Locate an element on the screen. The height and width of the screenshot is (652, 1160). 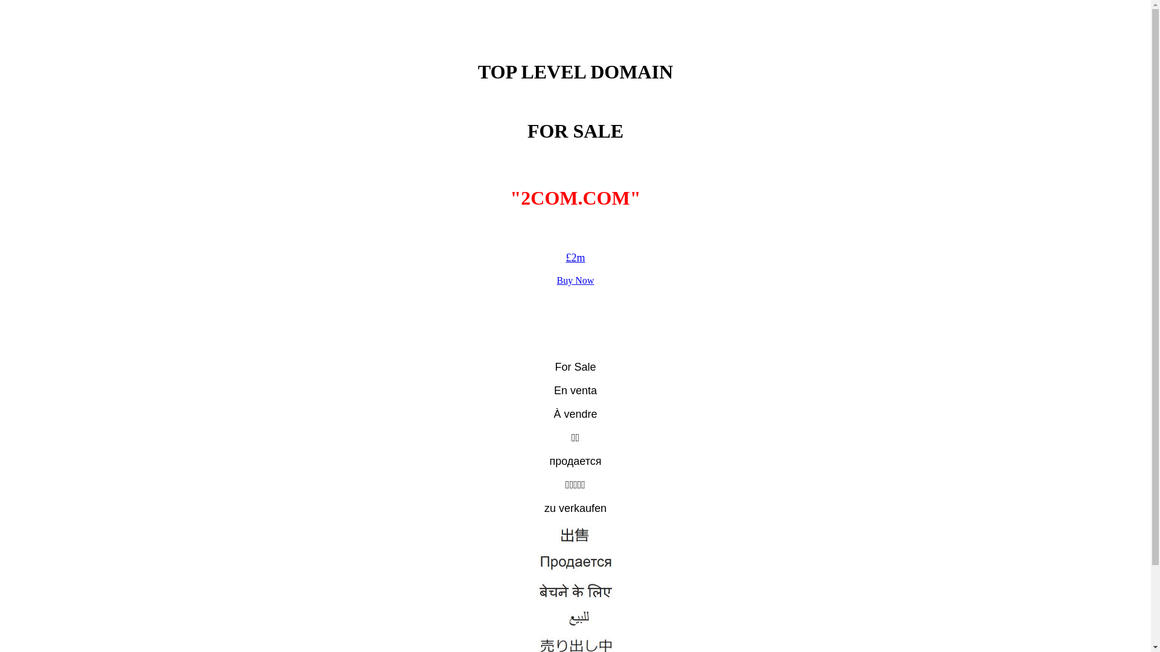
'Buy Now' is located at coordinates (575, 280).